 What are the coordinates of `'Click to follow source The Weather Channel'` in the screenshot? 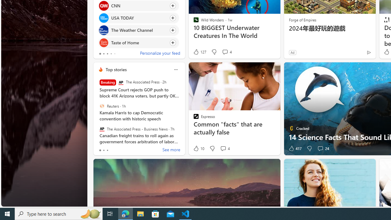 It's located at (138, 30).